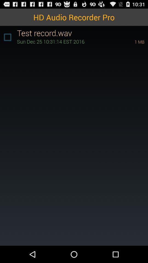 The height and width of the screenshot is (263, 148). Describe the element at coordinates (68, 41) in the screenshot. I see `icon to the left of the 1 mb item` at that location.